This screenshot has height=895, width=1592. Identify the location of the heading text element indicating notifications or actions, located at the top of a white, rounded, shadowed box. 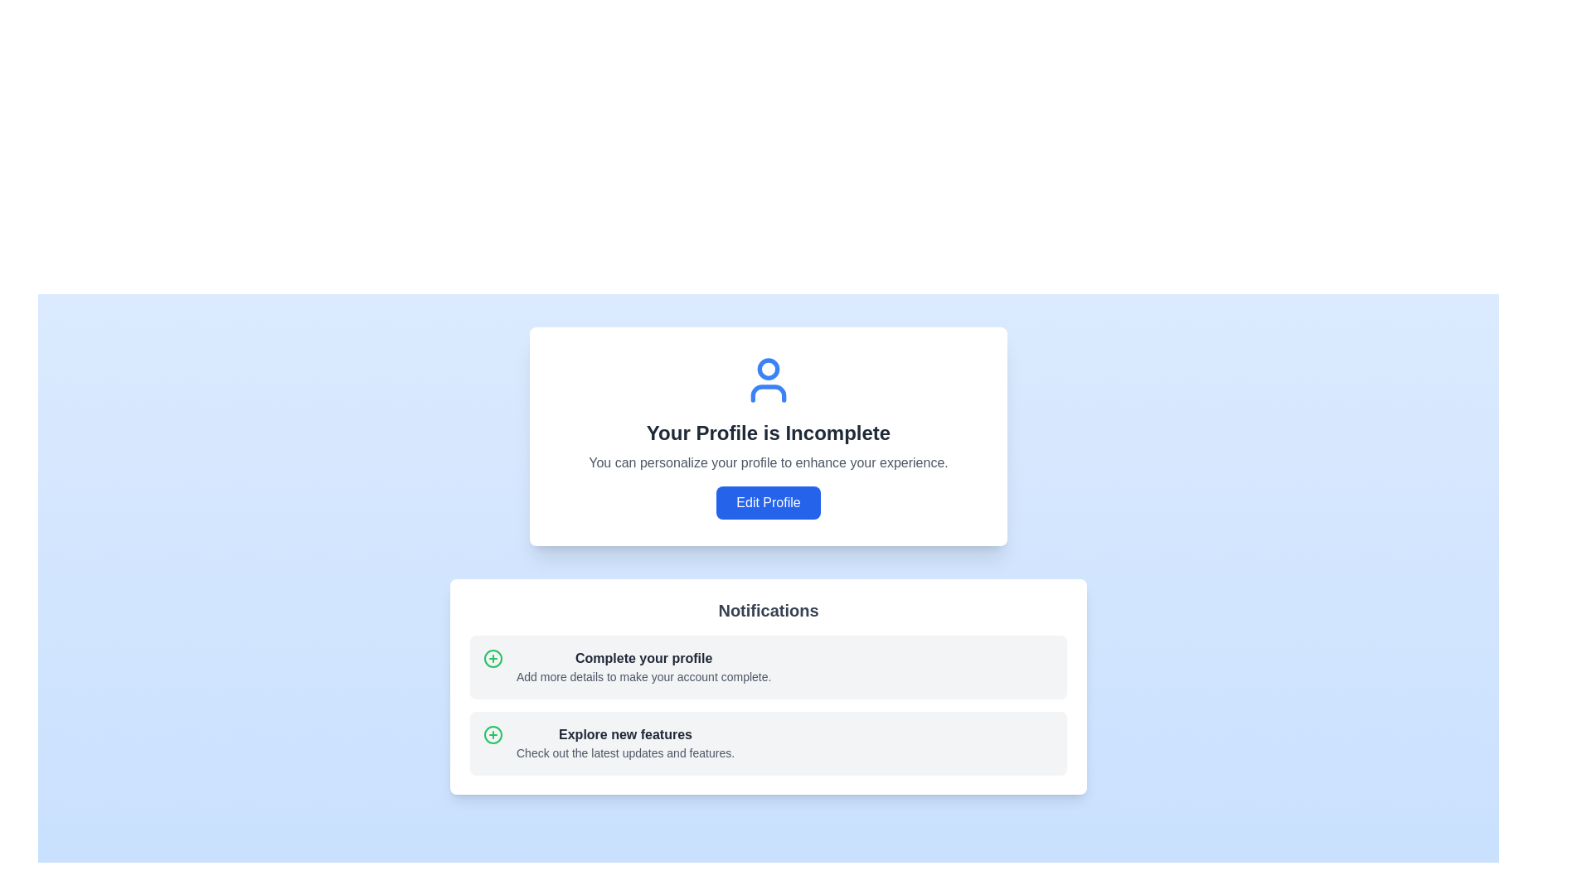
(767, 610).